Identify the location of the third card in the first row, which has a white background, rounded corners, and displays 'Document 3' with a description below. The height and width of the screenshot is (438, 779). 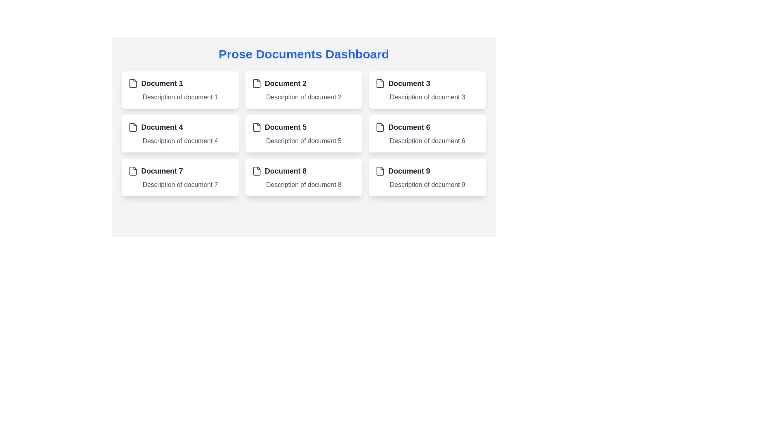
(427, 90).